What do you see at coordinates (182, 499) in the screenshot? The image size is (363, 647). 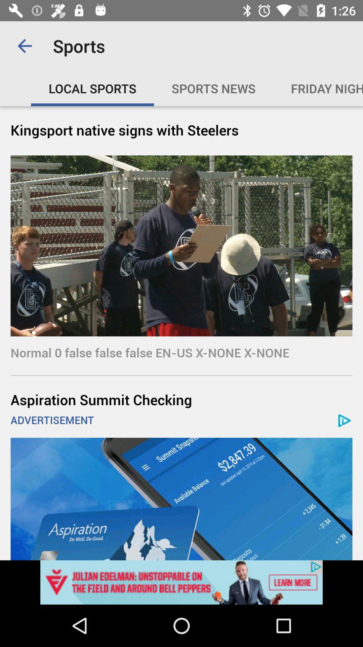 I see `this option advertisement` at bounding box center [182, 499].